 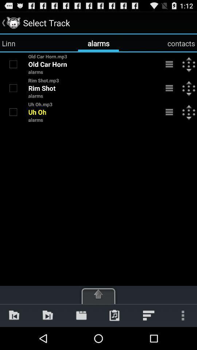 I want to click on rim shot alarm, so click(x=13, y=87).